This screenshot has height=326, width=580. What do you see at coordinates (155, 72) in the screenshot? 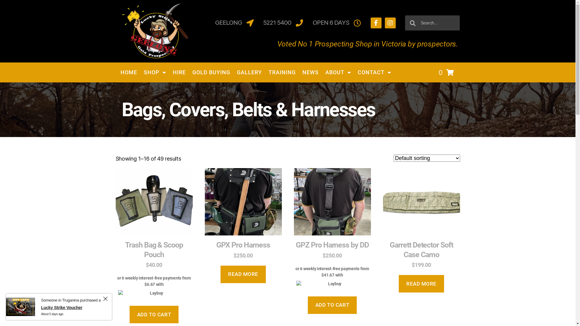
I see `'SHOP'` at bounding box center [155, 72].